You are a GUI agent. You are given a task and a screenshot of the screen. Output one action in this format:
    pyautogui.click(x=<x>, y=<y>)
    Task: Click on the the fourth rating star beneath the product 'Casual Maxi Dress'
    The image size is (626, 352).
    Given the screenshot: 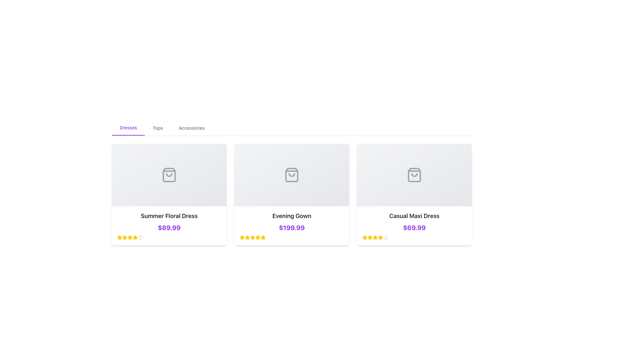 What is the action you would take?
    pyautogui.click(x=380, y=237)
    